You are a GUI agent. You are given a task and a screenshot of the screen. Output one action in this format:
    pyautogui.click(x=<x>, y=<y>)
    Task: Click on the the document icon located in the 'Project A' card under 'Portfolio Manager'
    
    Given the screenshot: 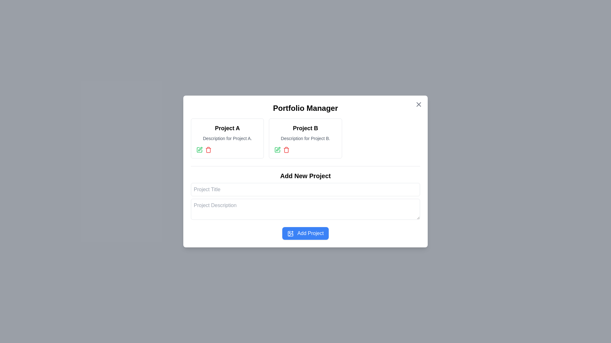 What is the action you would take?
    pyautogui.click(x=199, y=150)
    